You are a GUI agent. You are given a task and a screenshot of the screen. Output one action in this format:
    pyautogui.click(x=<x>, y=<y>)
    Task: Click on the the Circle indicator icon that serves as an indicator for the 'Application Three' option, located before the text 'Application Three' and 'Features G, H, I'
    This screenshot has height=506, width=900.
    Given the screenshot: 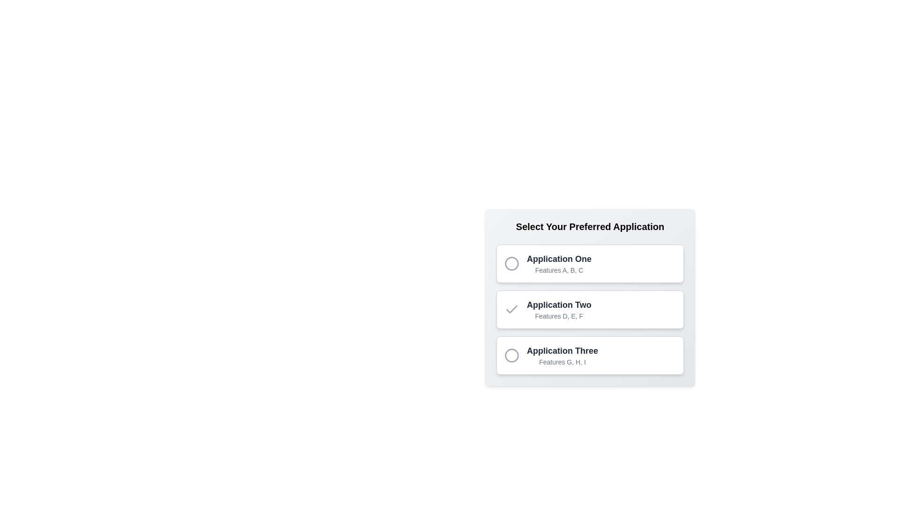 What is the action you would take?
    pyautogui.click(x=511, y=356)
    